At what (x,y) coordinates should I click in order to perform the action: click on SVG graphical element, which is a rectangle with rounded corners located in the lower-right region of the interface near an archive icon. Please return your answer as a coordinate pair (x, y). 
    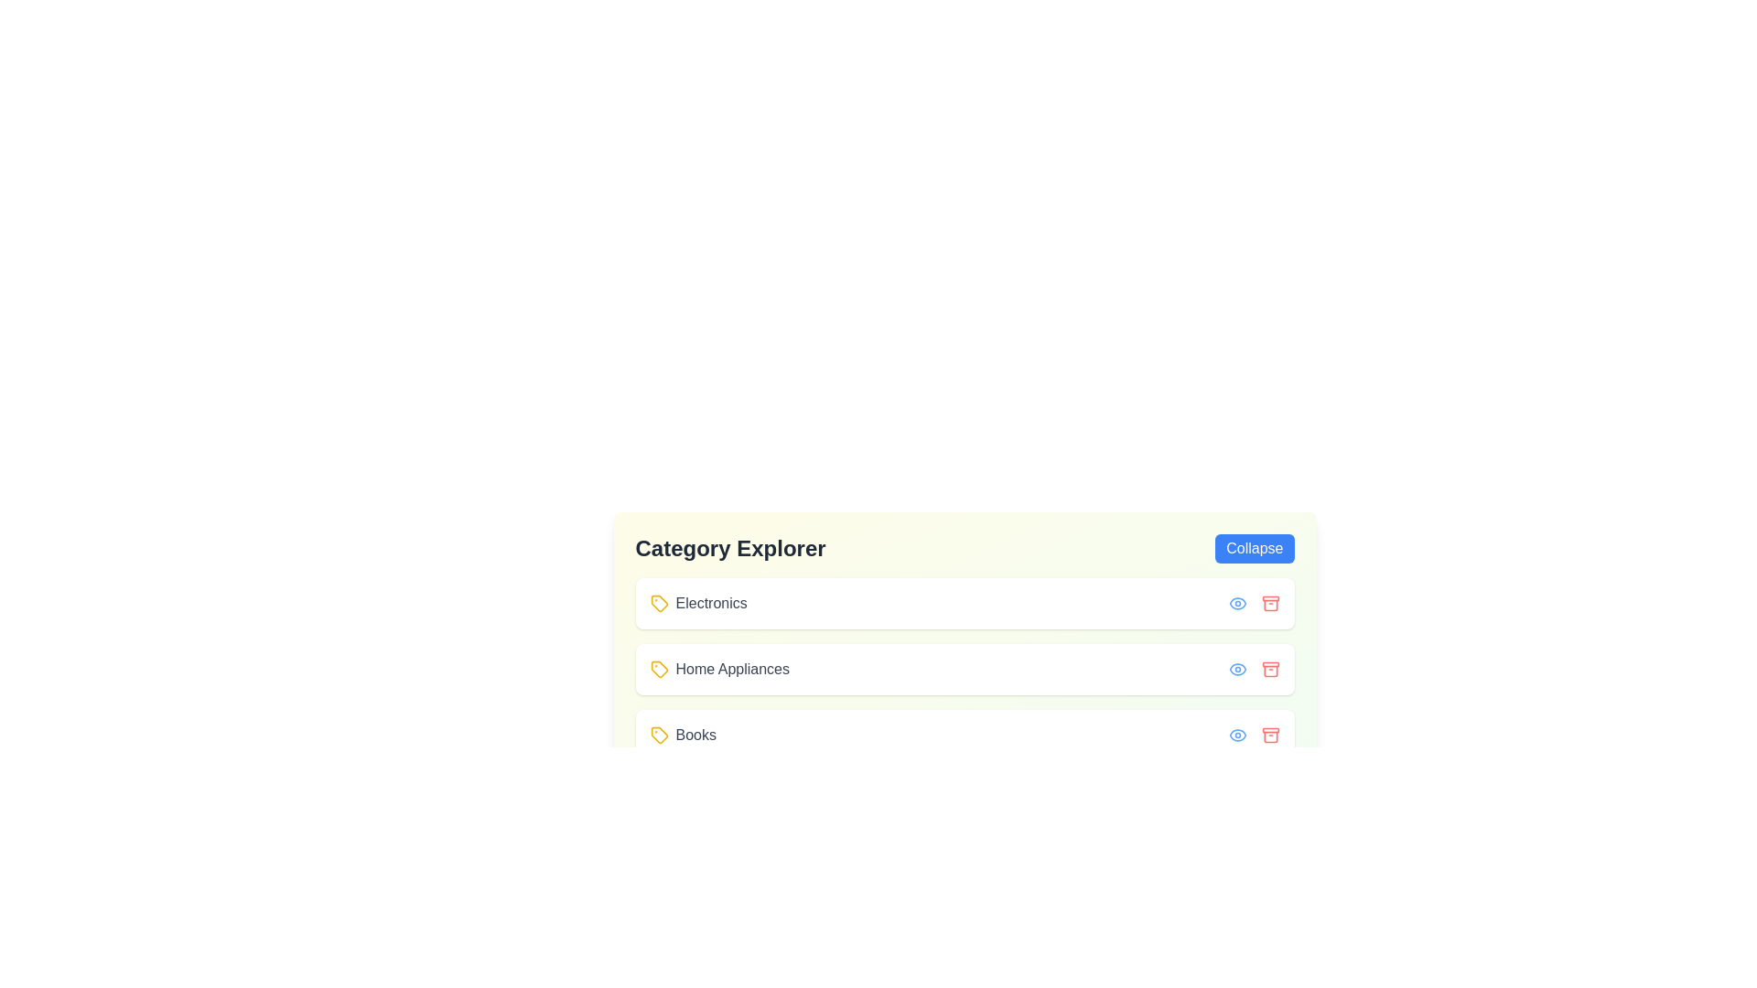
    Looking at the image, I should click on (1269, 664).